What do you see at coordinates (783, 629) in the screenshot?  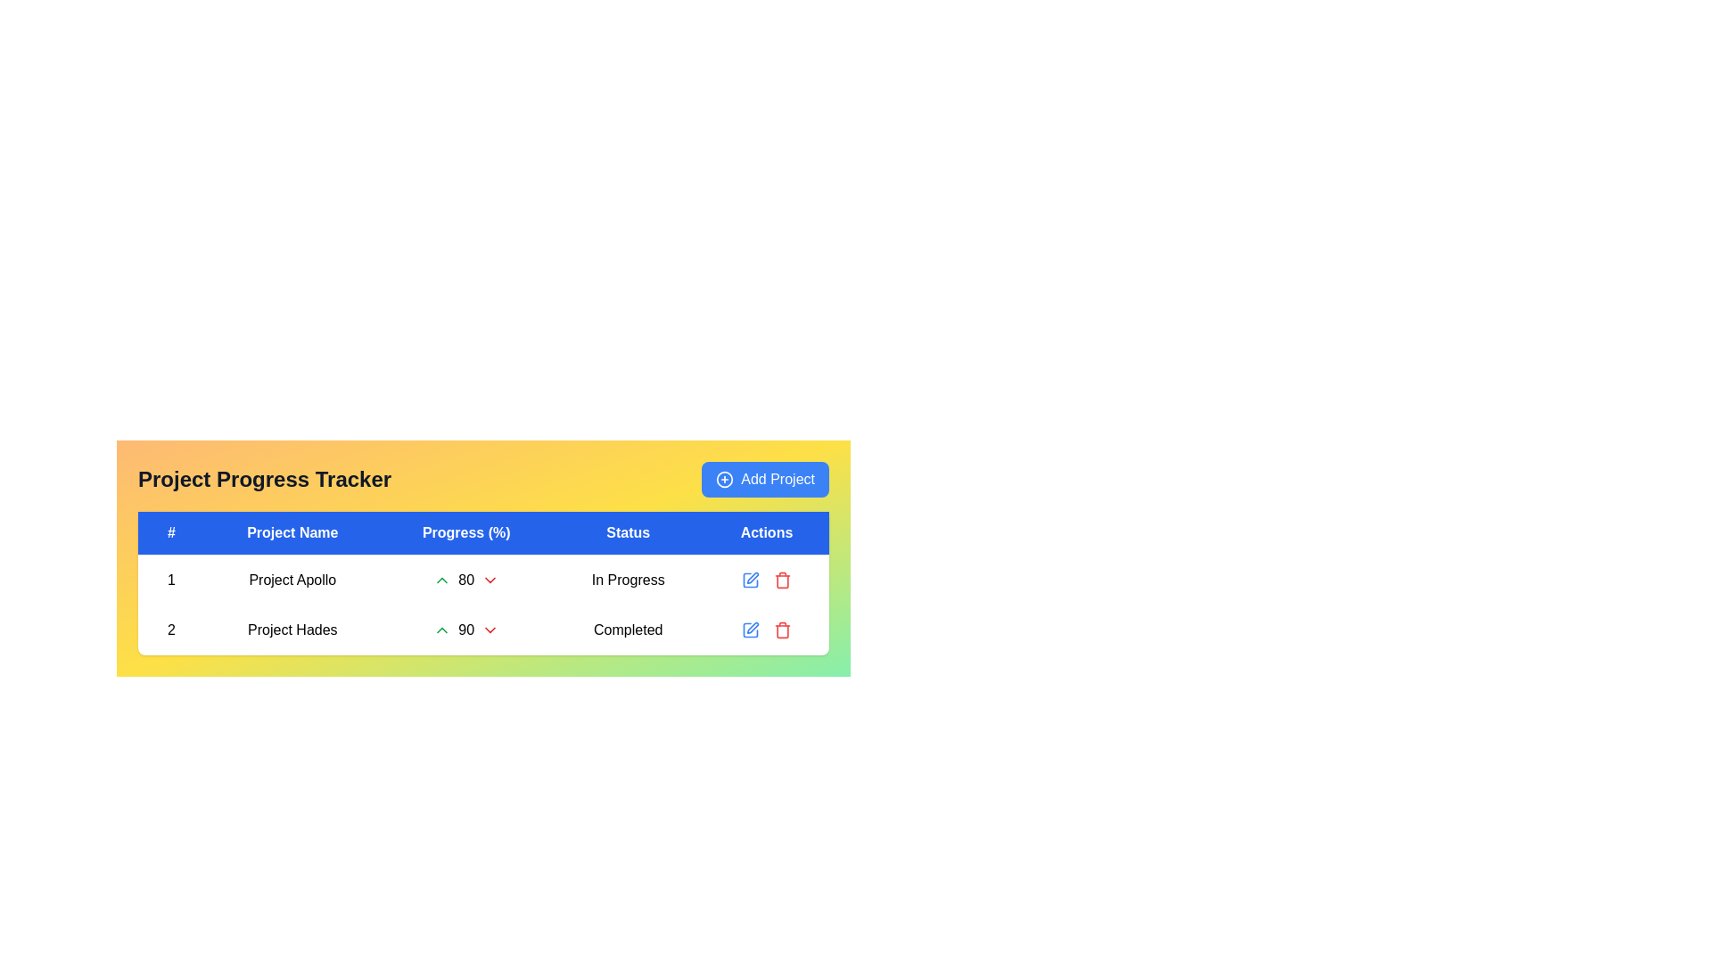 I see `the delete icon button in the second row of the table under the 'Actions' column` at bounding box center [783, 629].